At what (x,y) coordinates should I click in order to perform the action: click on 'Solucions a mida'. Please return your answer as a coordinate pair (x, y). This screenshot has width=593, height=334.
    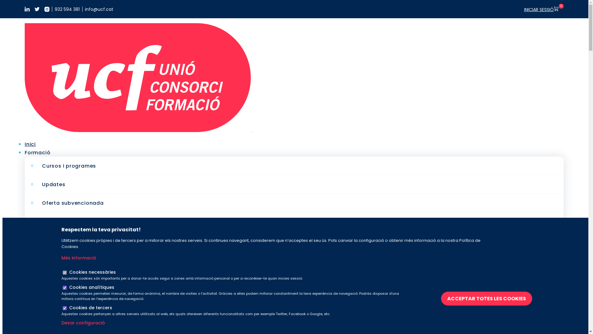
    Looking at the image, I should click on (48, 235).